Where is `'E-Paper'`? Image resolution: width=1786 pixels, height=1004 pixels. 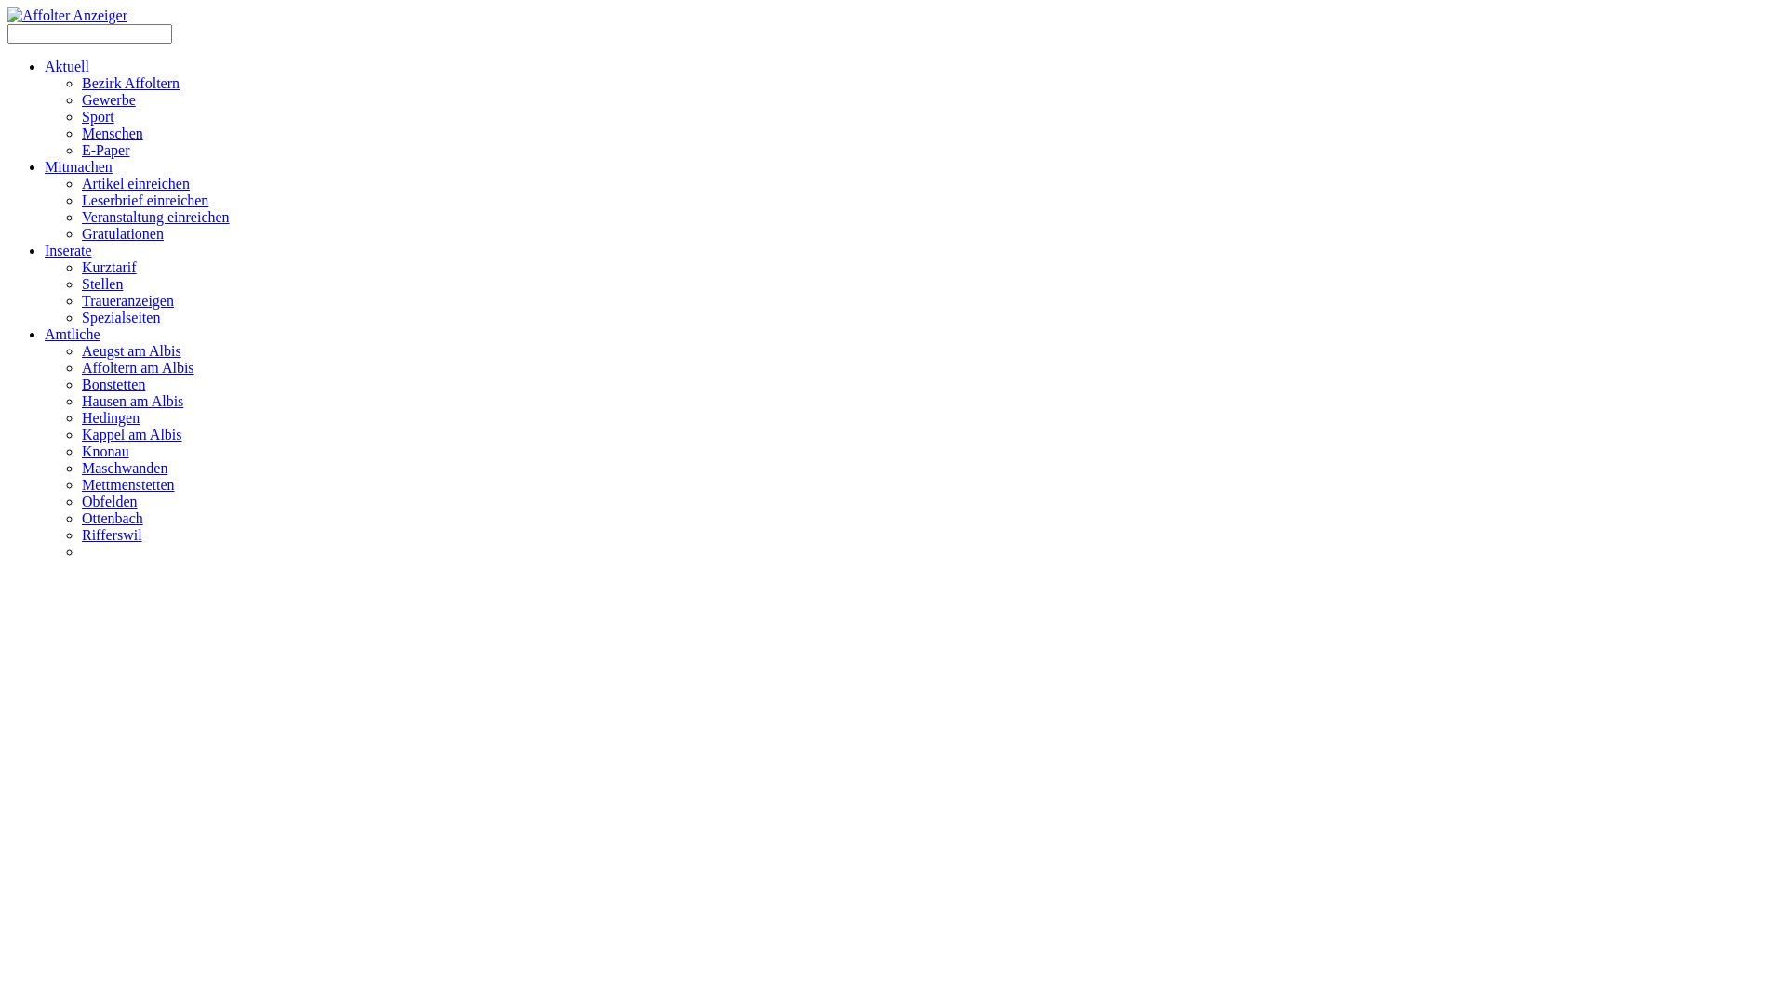 'E-Paper' is located at coordinates (80, 149).